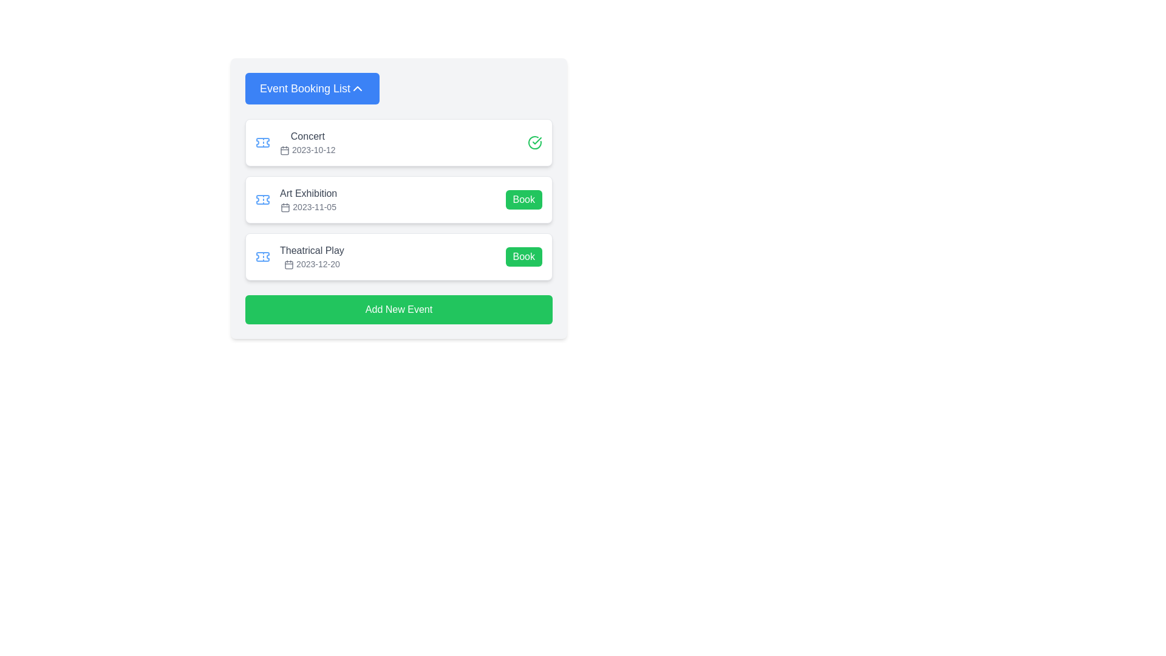 Image resolution: width=1166 pixels, height=656 pixels. Describe the element at coordinates (309, 199) in the screenshot. I see `the Text label for event details, which provides the name and date of an event located between 'Concert' and 'Theatrical Play' in the list of events` at that location.